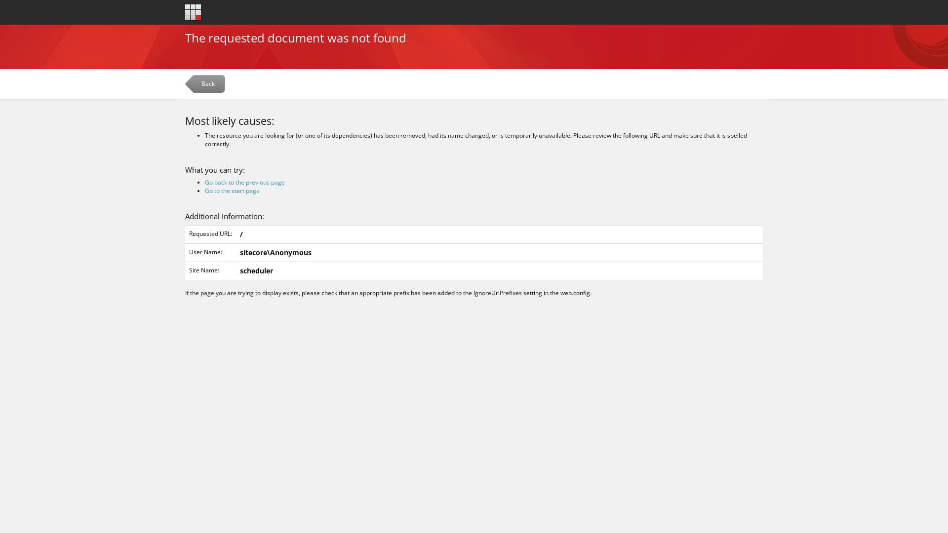  I want to click on 'Go to the start page', so click(193, 12).